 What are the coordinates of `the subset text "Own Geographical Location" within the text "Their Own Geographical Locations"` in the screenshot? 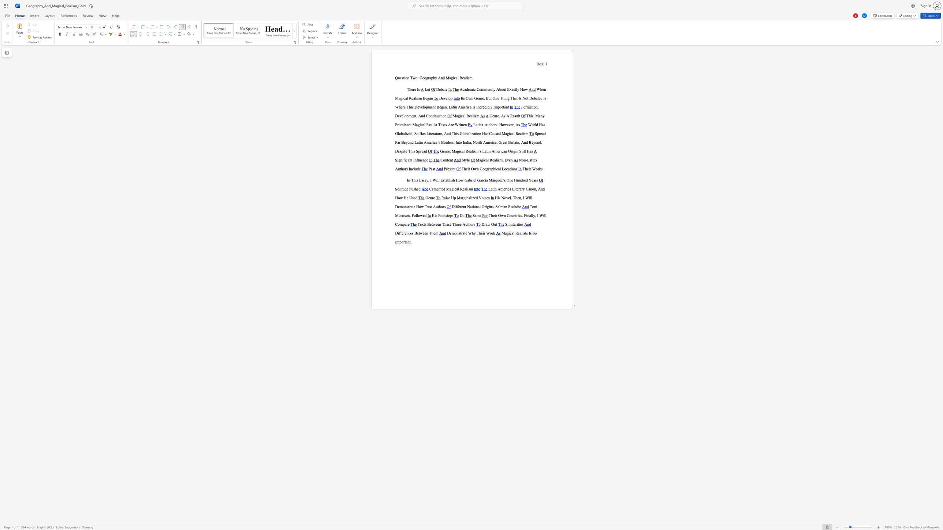 It's located at (470, 168).